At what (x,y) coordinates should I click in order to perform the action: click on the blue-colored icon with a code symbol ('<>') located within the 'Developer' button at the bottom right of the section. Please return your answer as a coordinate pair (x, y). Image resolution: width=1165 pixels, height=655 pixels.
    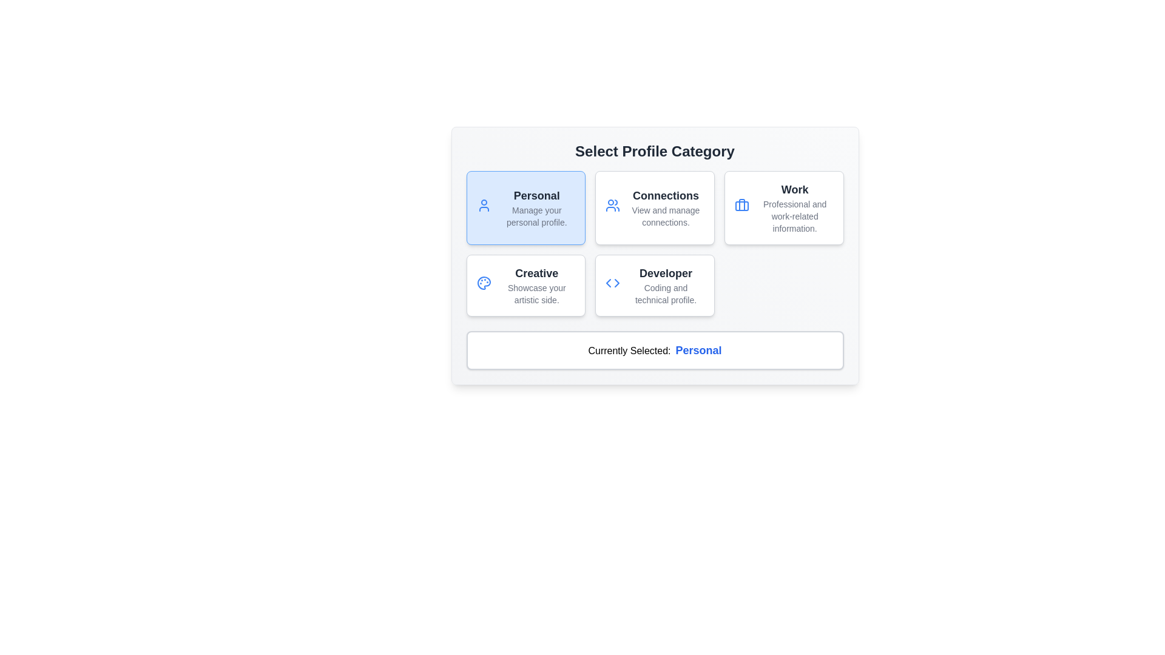
    Looking at the image, I should click on (613, 285).